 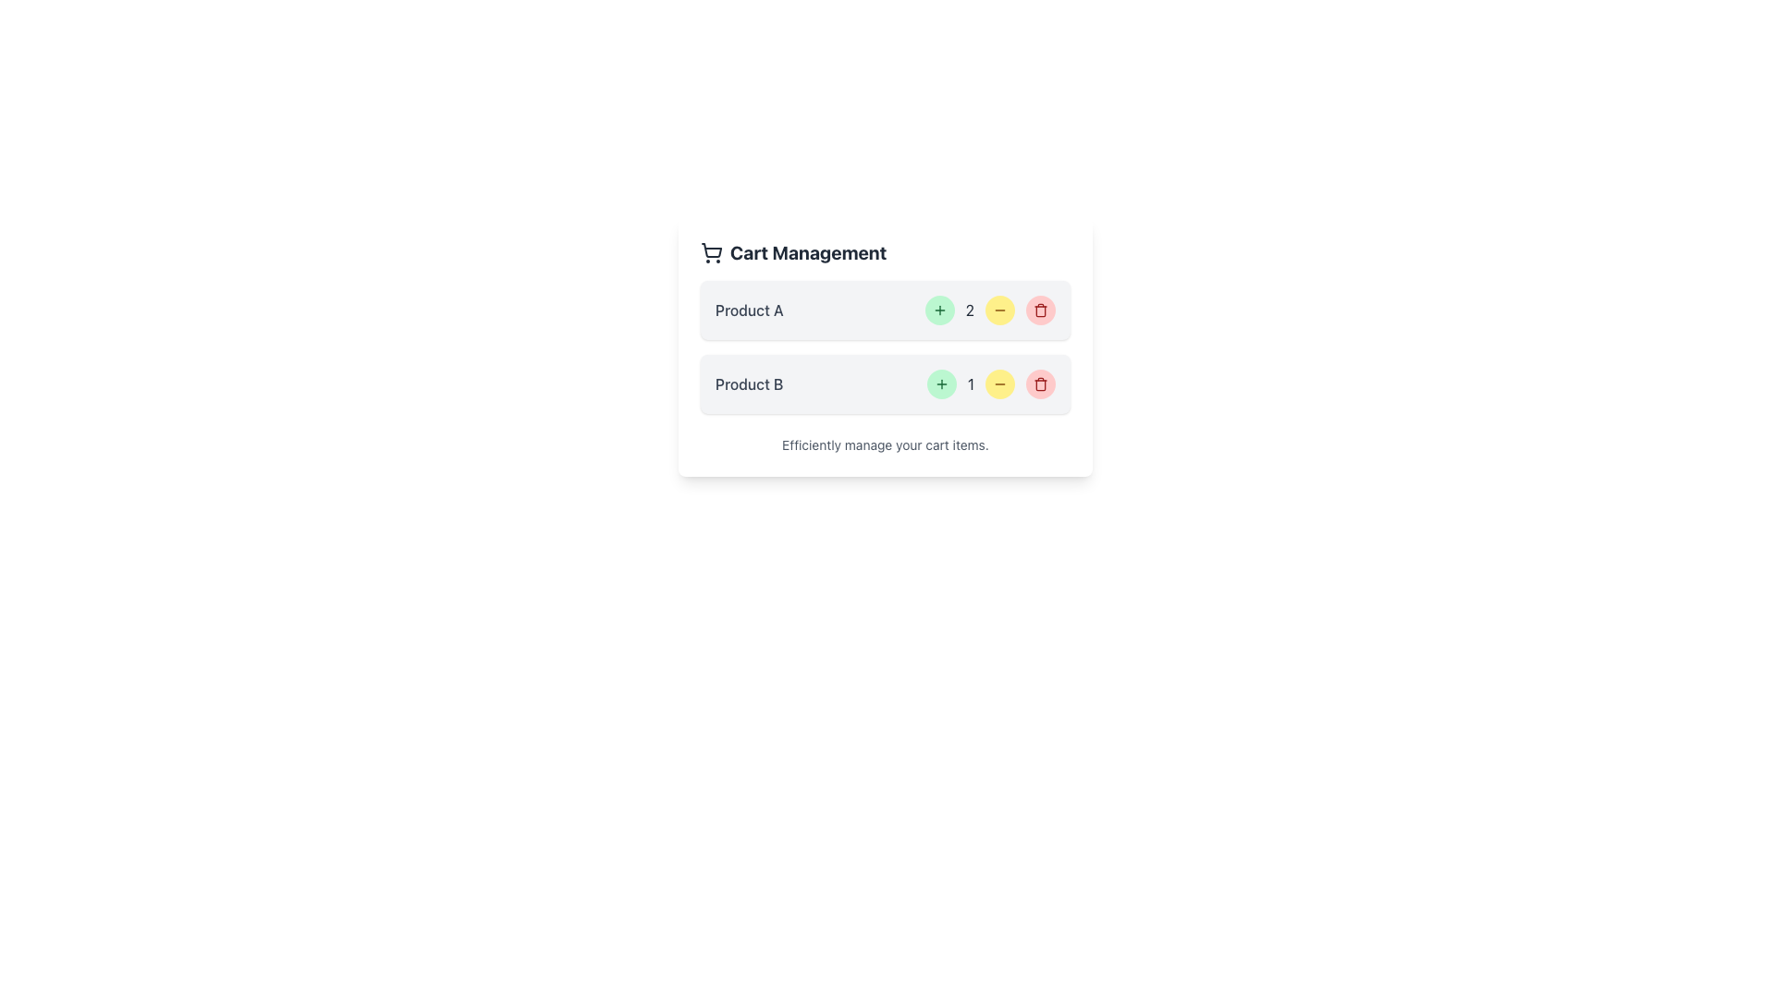 What do you see at coordinates (969, 309) in the screenshot?
I see `the text display element that shows the number '2', which is styled in gray font and located between the green plus button and the yellow minus button` at bounding box center [969, 309].